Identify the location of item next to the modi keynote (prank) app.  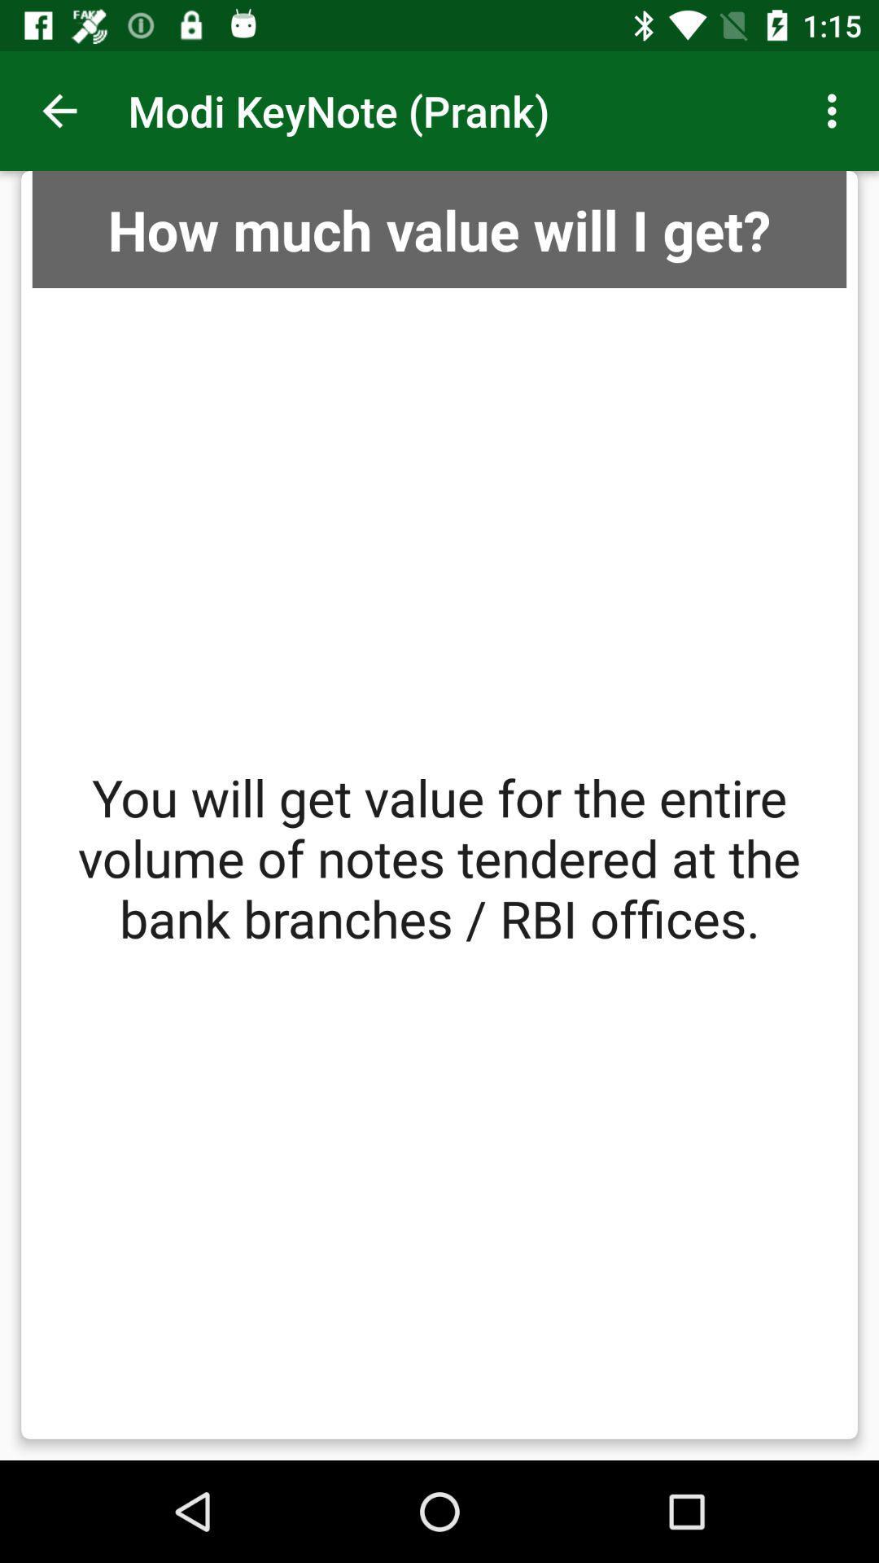
(836, 110).